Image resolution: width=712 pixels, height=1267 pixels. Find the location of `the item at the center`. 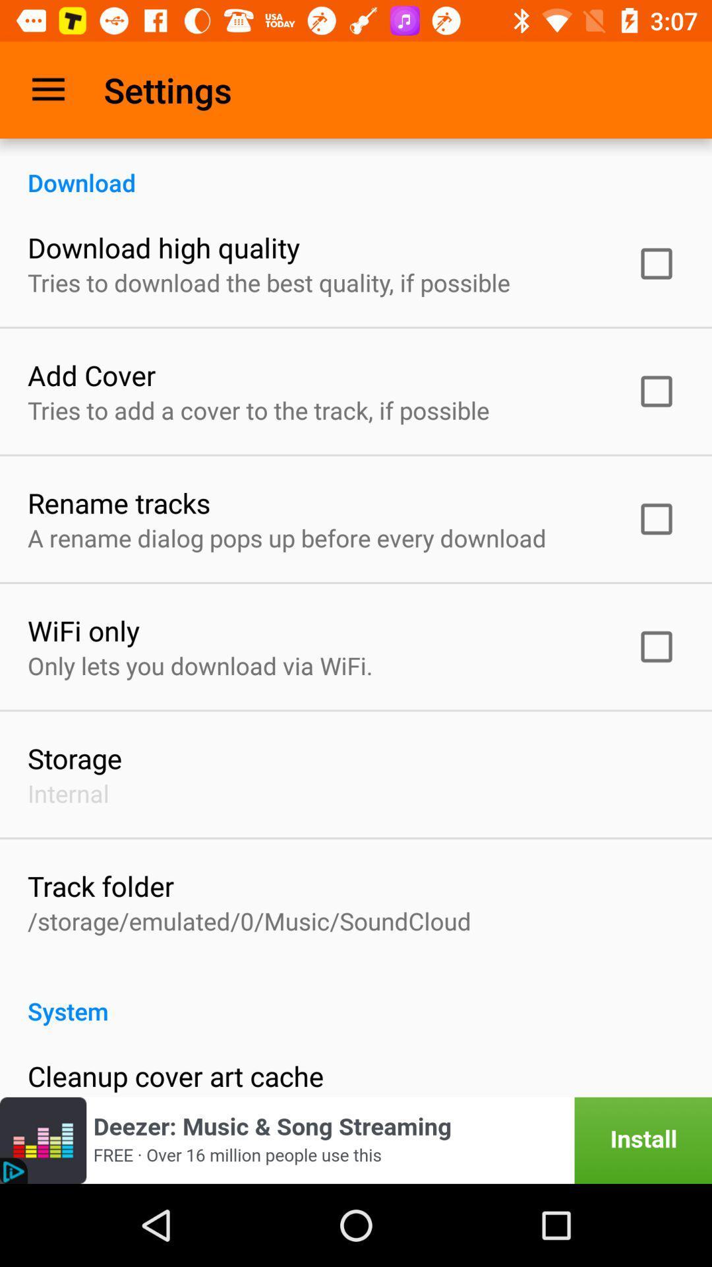

the item at the center is located at coordinates (286, 538).